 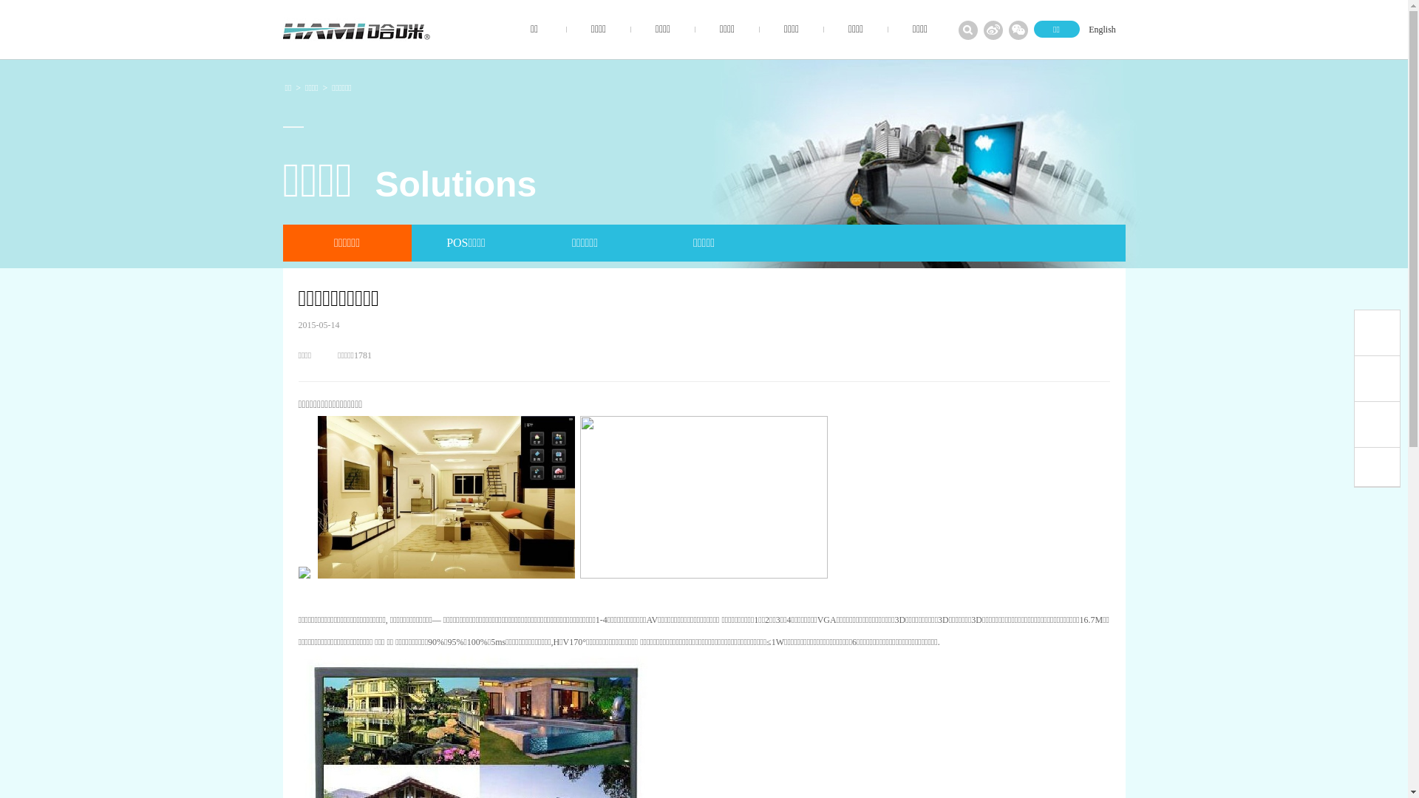 What do you see at coordinates (1102, 29) in the screenshot?
I see `'English'` at bounding box center [1102, 29].